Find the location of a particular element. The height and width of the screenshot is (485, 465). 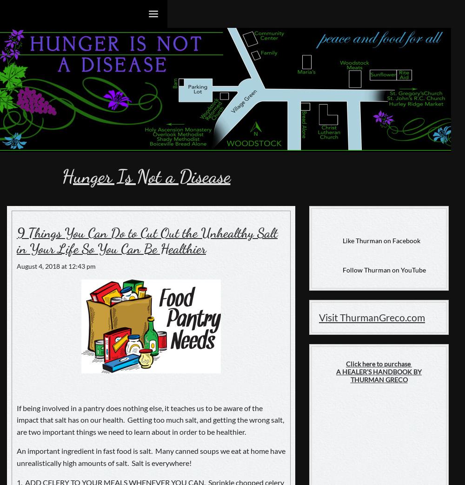

'Follow Thurman on YouTube' is located at coordinates (383, 269).